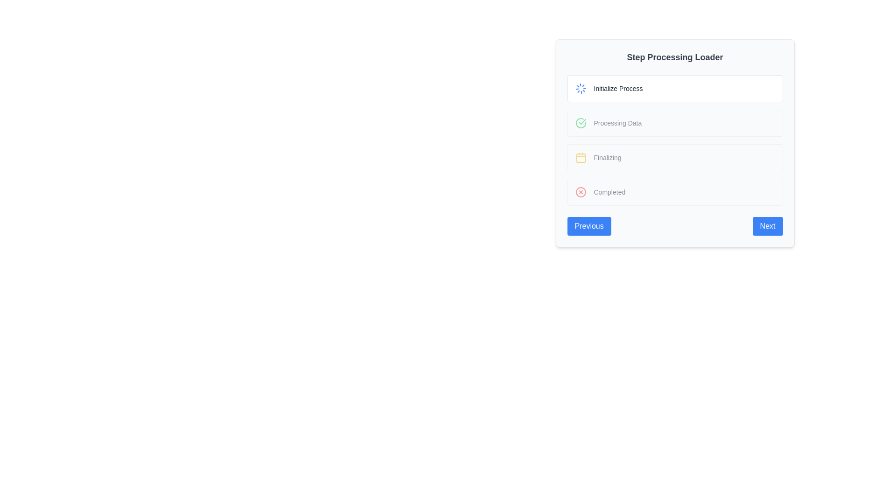 The width and height of the screenshot is (896, 504). I want to click on the circular icon with a red border and red cross symbol inside, which indicates the 'Completed' step in the modal interface, so click(580, 192).